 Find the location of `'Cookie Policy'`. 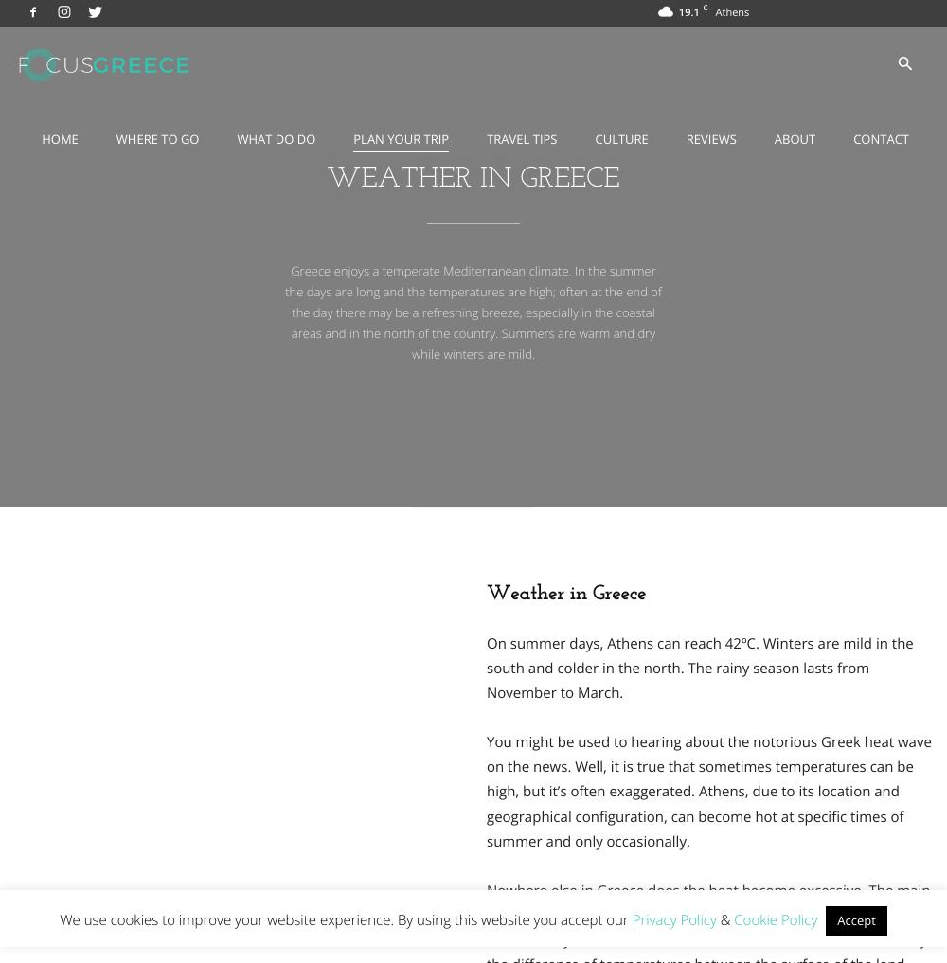

'Cookie Policy' is located at coordinates (734, 920).